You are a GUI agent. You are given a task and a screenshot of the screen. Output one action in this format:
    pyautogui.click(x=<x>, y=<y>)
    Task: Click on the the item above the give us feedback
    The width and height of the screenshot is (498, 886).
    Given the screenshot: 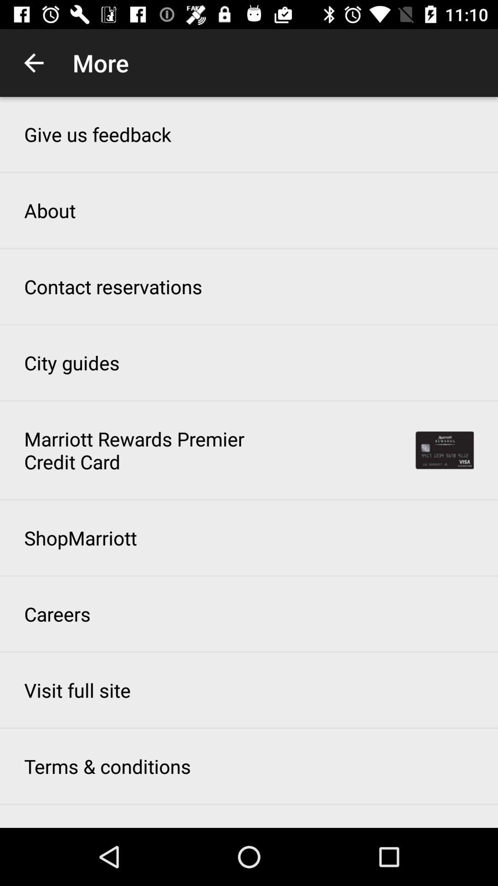 What is the action you would take?
    pyautogui.click(x=33, y=62)
    